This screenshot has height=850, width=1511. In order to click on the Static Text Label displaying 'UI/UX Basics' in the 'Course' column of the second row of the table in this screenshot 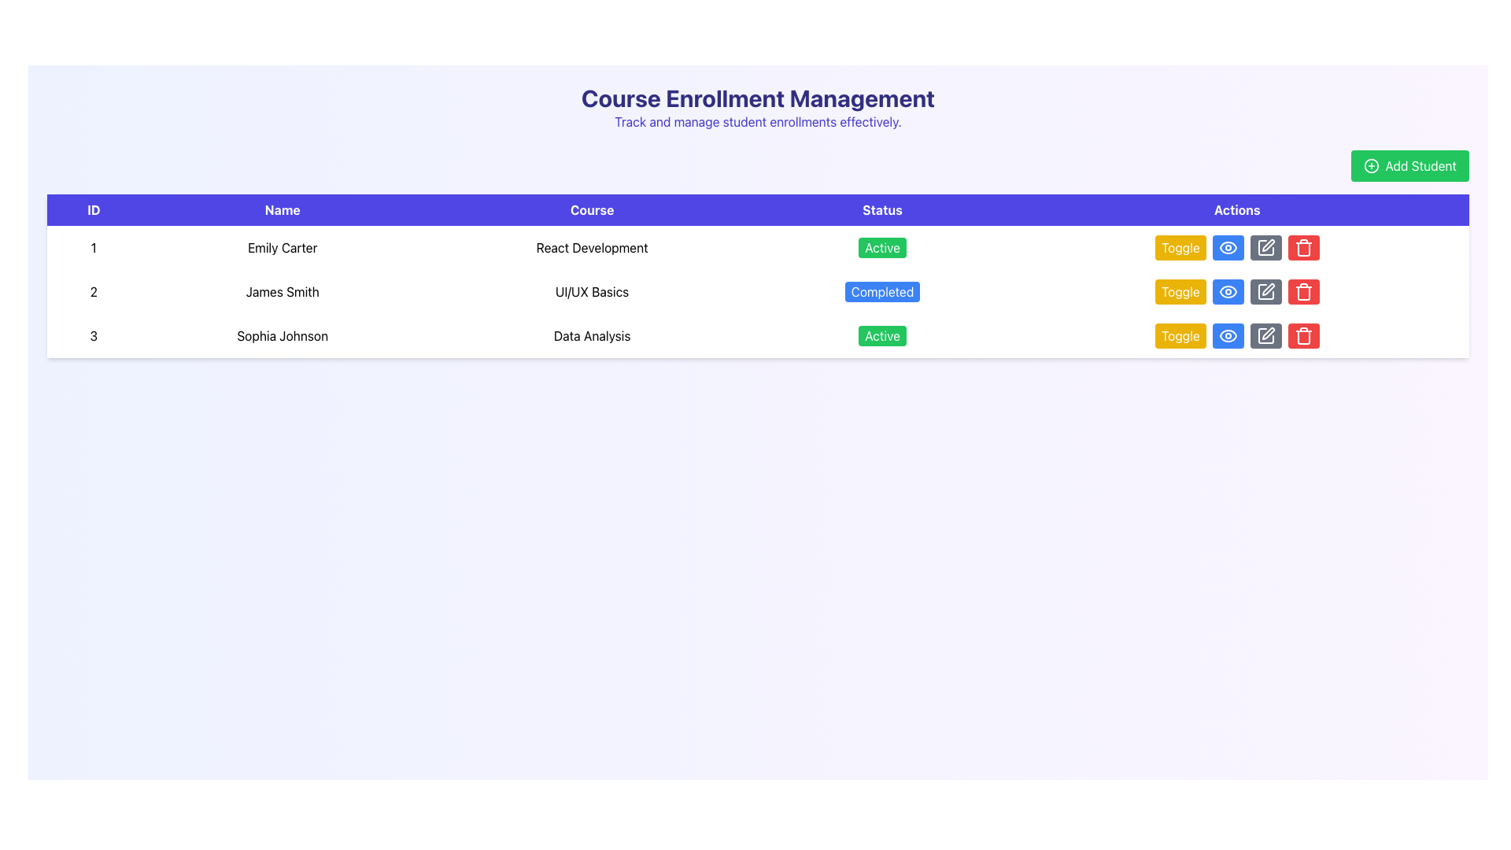, I will do `click(591, 291)`.